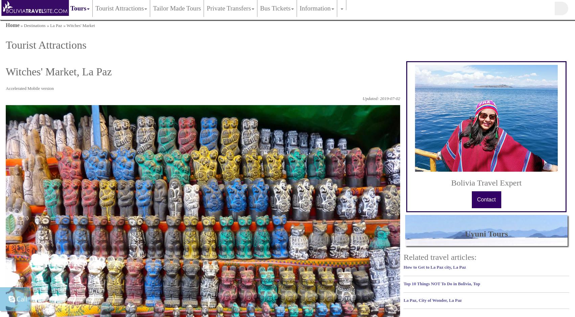 The height and width of the screenshot is (317, 575). What do you see at coordinates (34, 25) in the screenshot?
I see `'Destinations'` at bounding box center [34, 25].